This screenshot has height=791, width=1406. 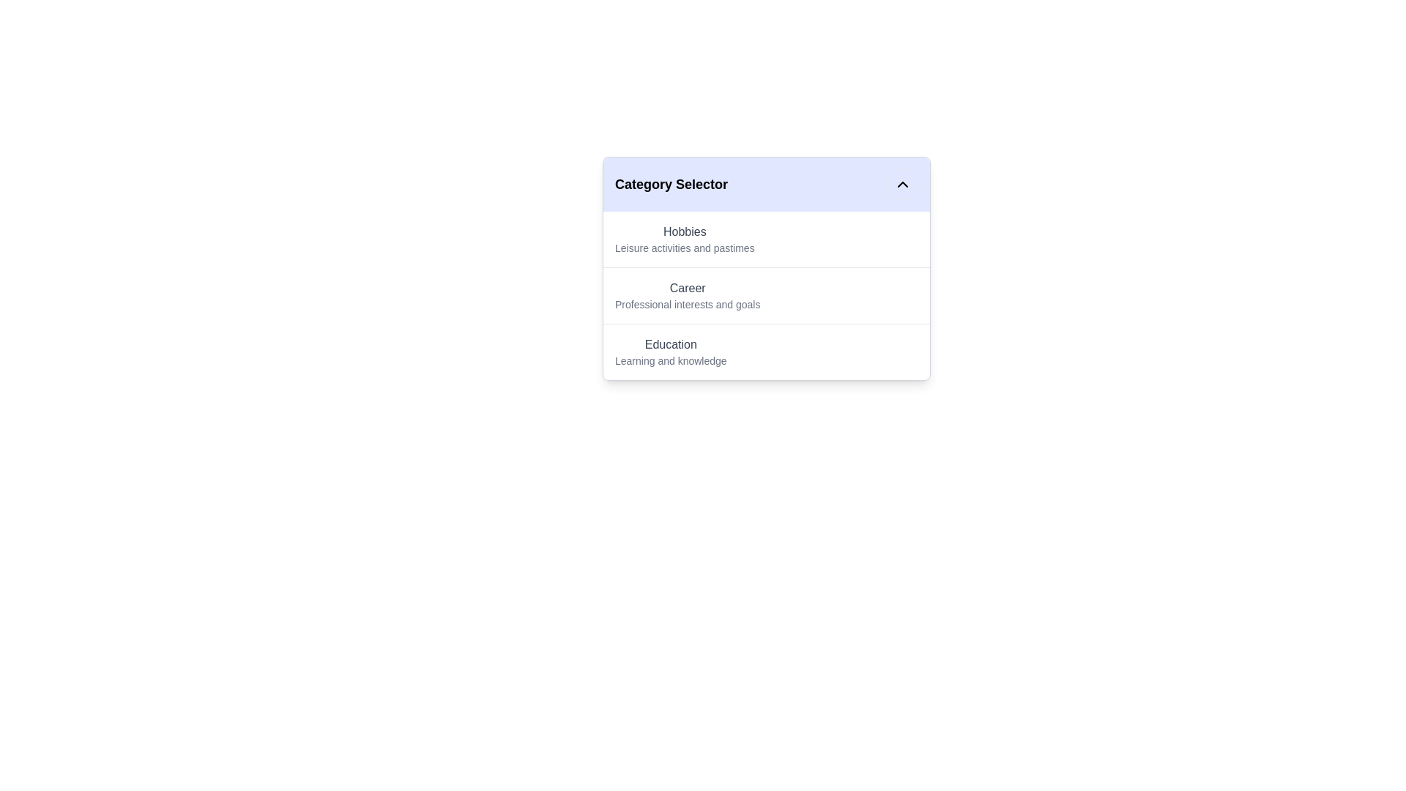 What do you see at coordinates (902, 183) in the screenshot?
I see `the small circular button with a chevron-up icon located in the top-right corner of the 'Category Selector' header area` at bounding box center [902, 183].